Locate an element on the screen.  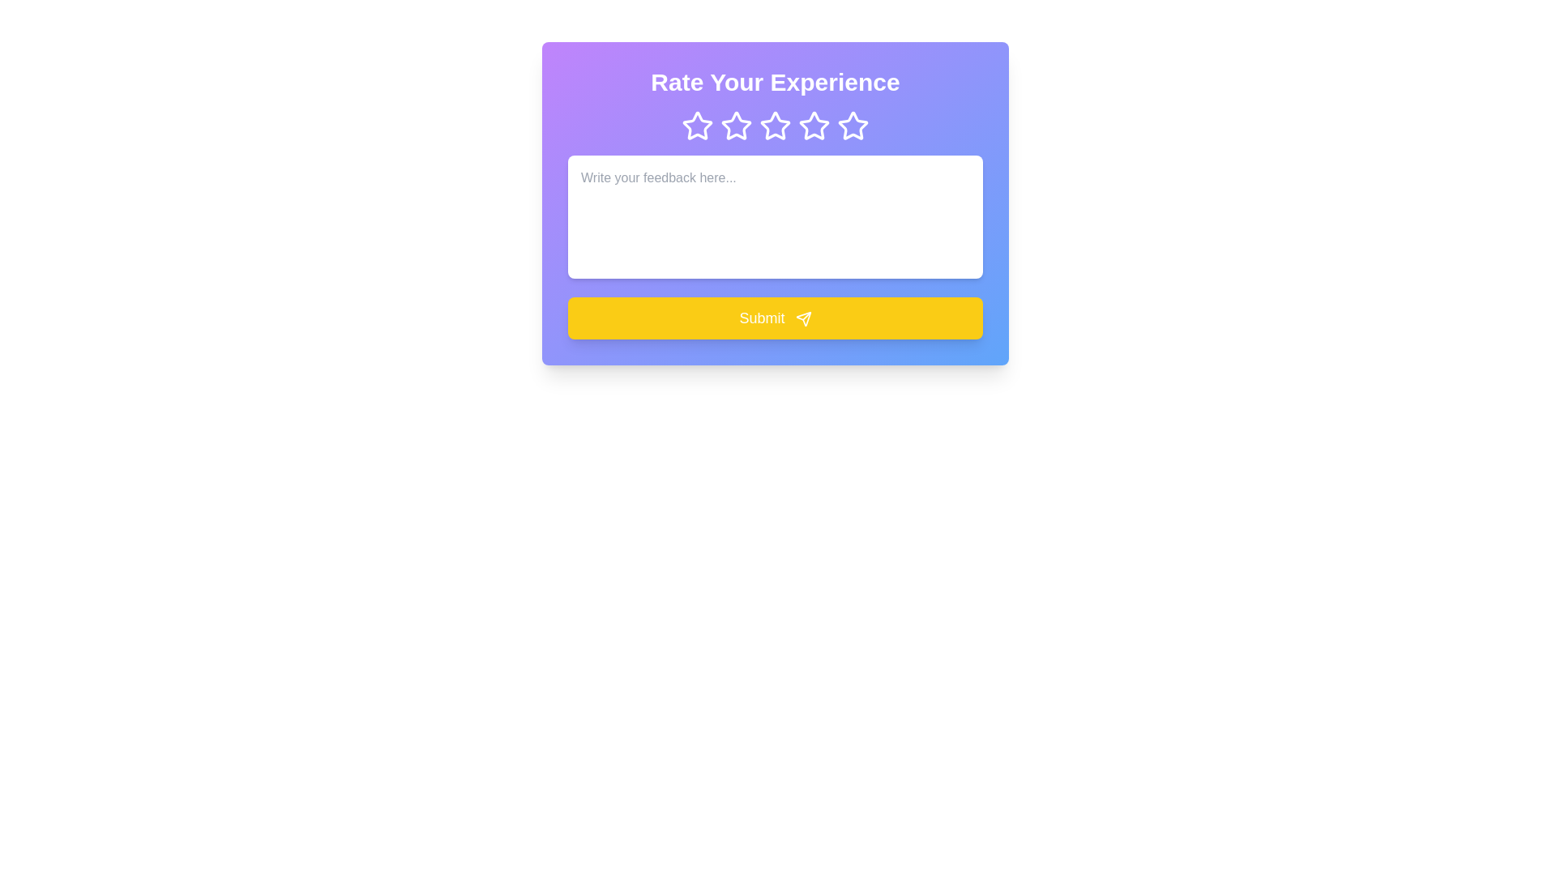
the first star icon in the rating system to trigger the scaling effect is located at coordinates (697, 125).